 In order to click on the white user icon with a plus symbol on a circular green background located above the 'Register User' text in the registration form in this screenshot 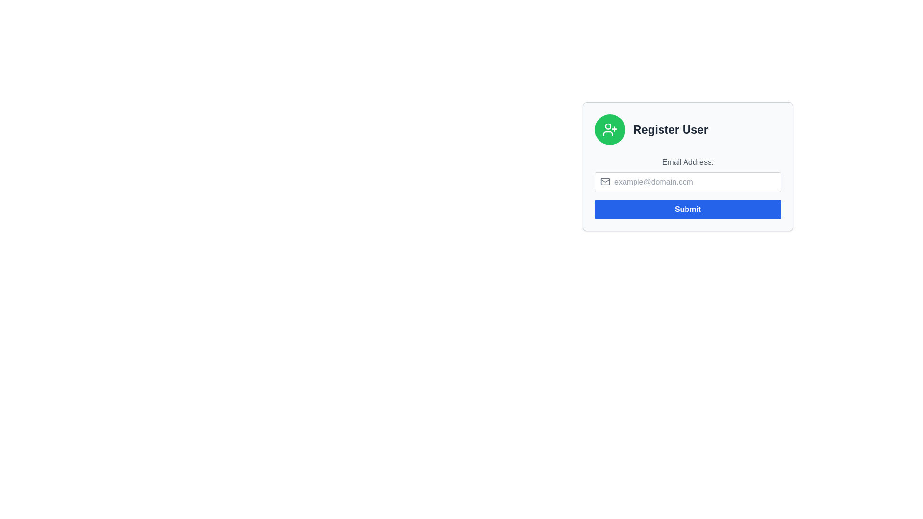, I will do `click(609, 130)`.